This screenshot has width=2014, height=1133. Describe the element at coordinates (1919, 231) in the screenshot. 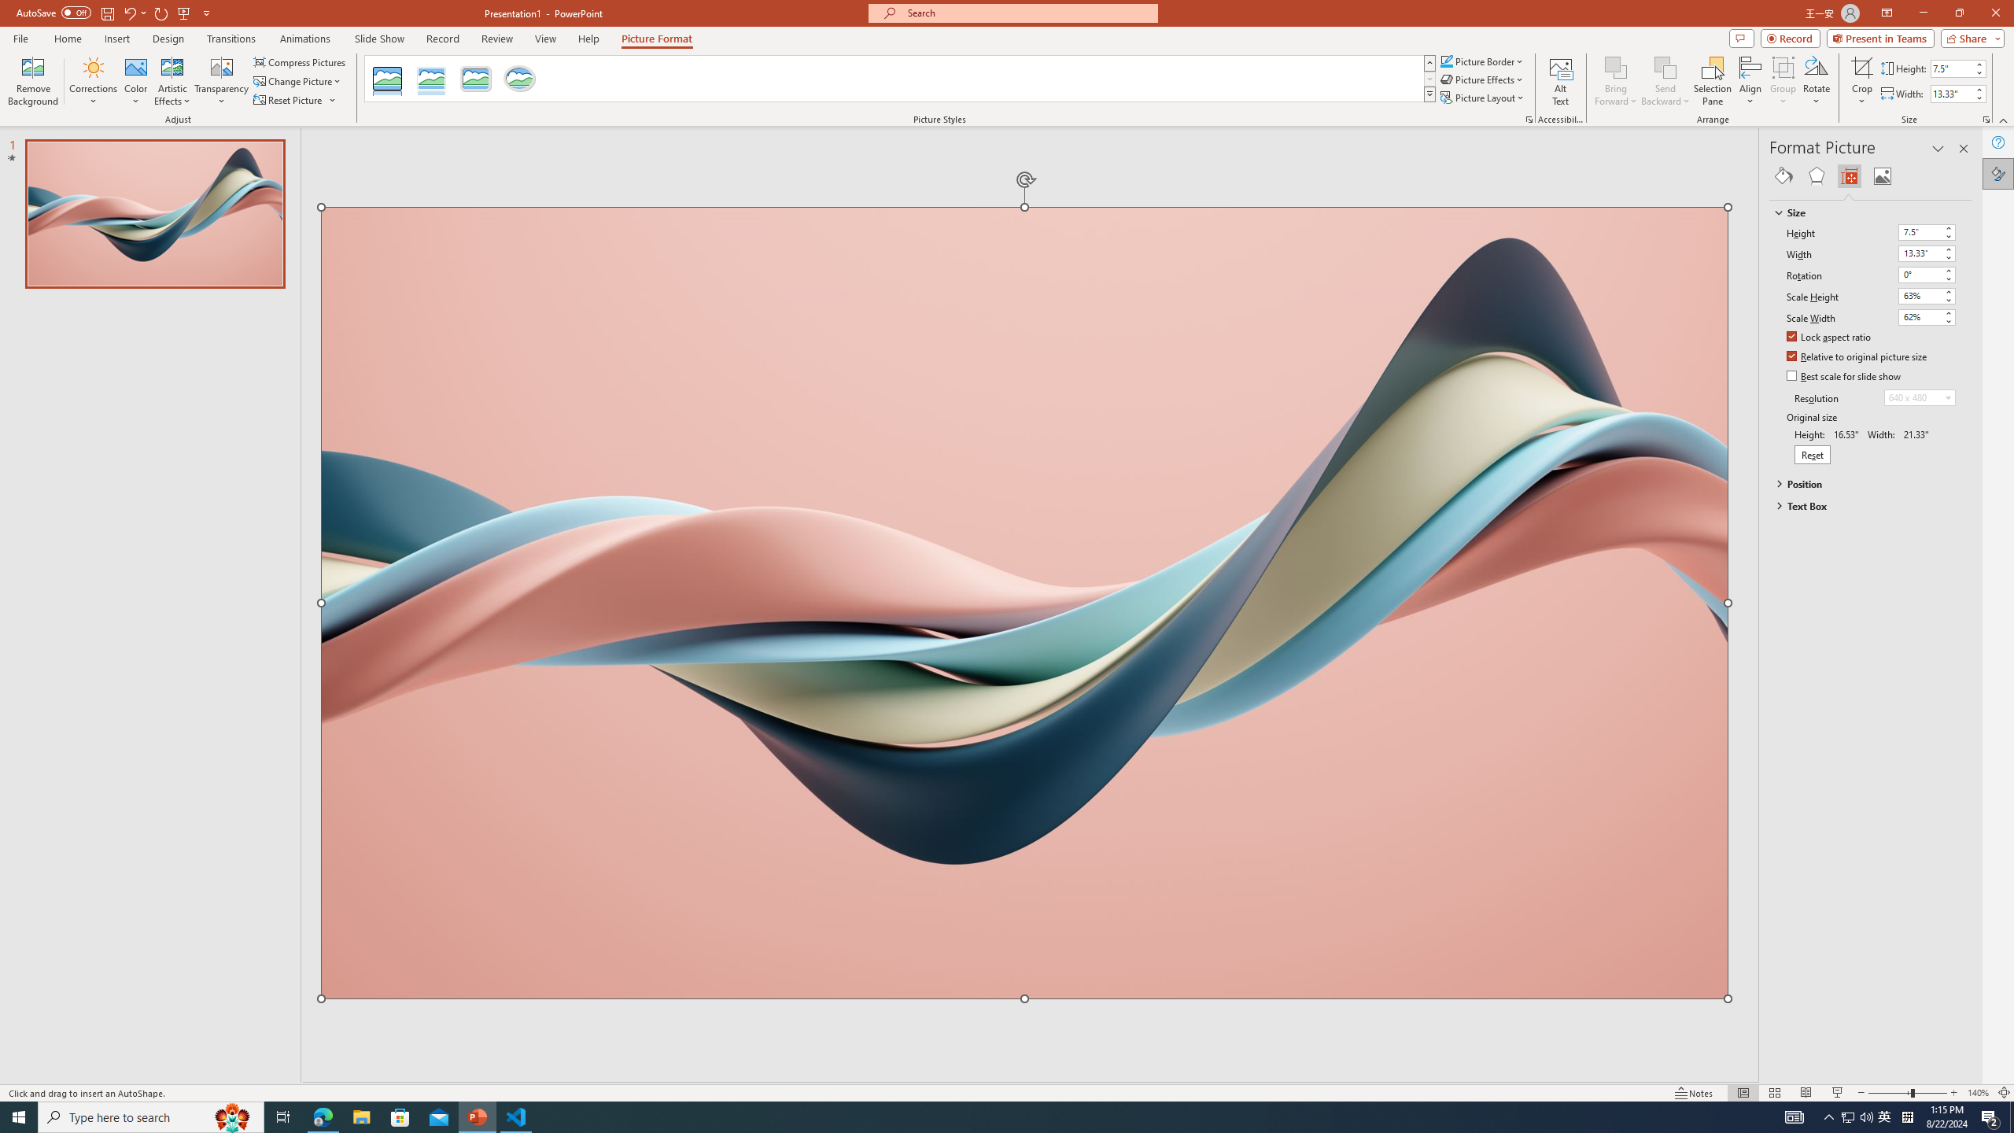

I see `'Height'` at that location.